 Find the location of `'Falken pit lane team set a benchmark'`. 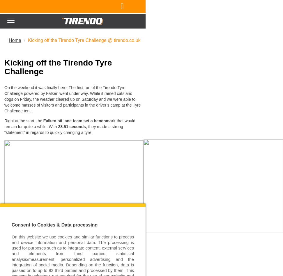

'Falken pit lane team set a benchmark' is located at coordinates (79, 120).